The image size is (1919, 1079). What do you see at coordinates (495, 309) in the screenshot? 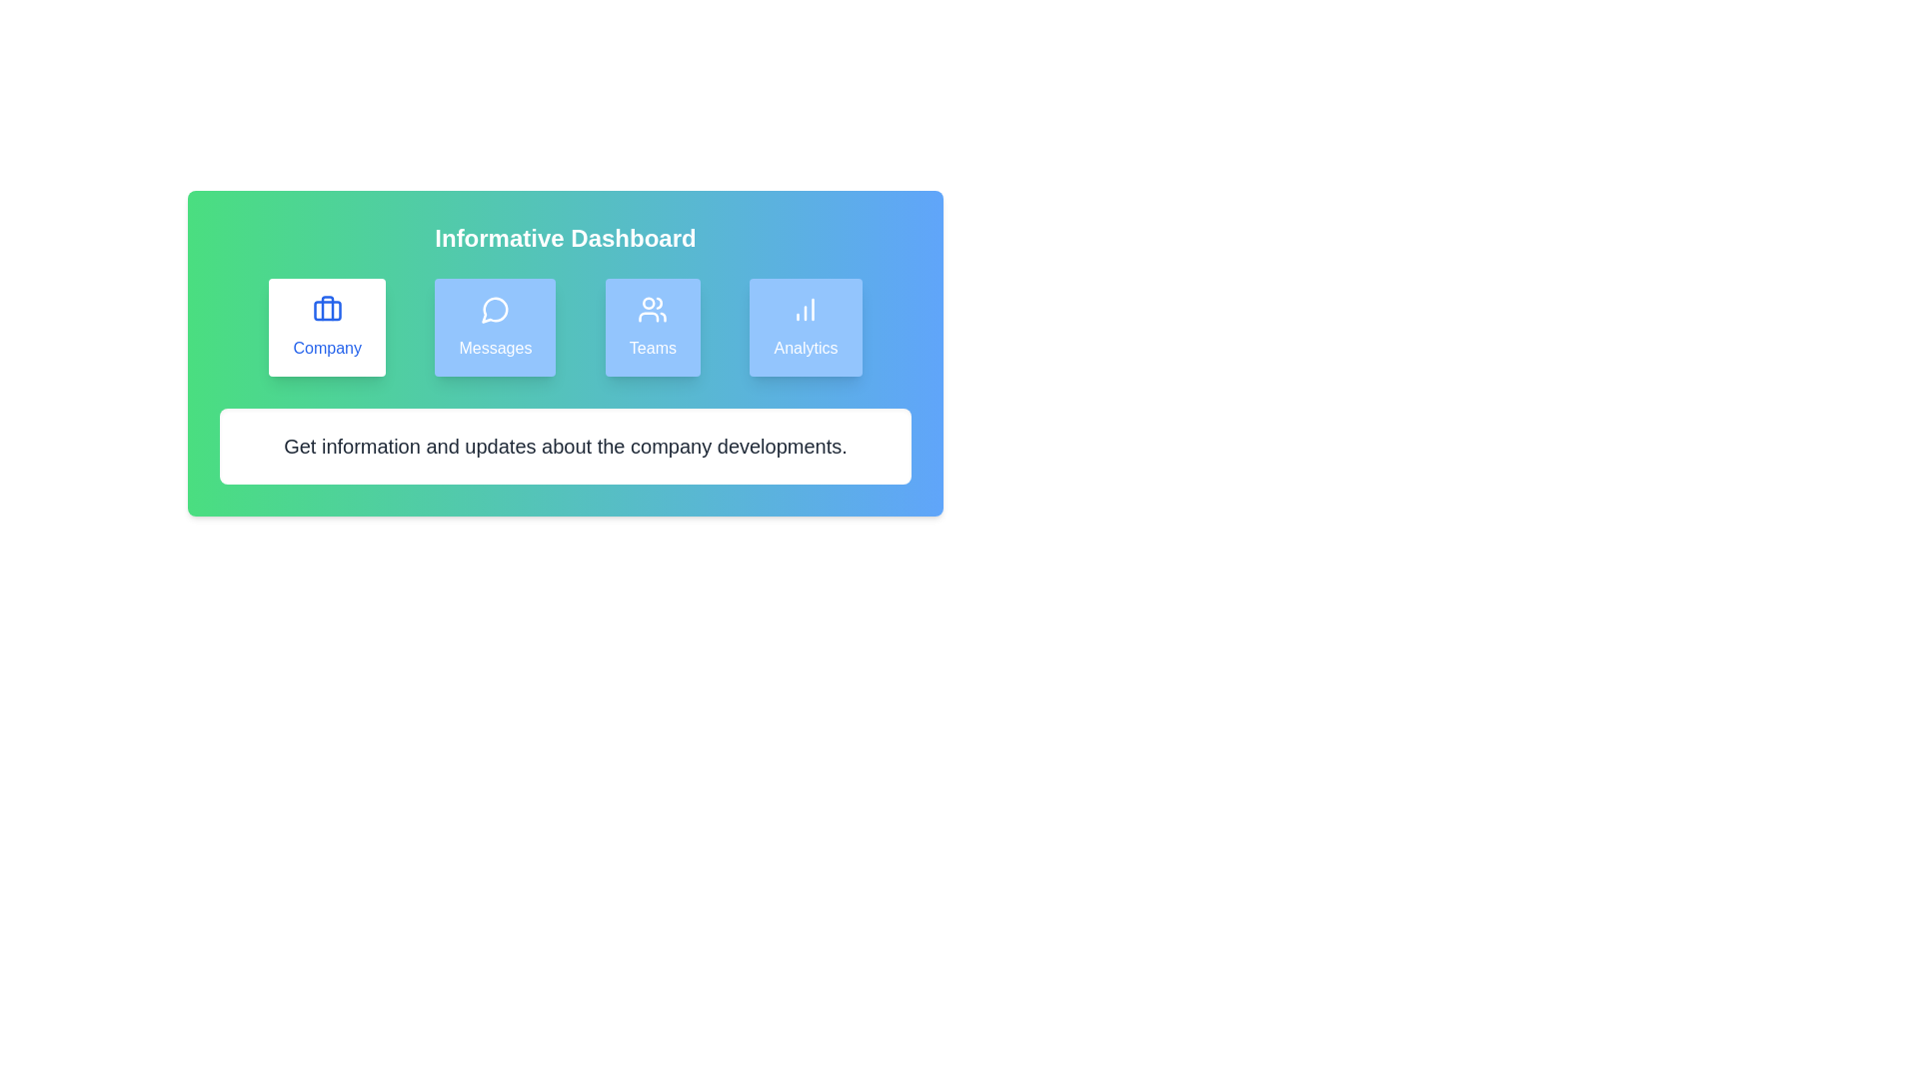
I see `the circular icon resembling a chat bubble or message symbol with a blue outline and white background, located in the second card from the left in the upper row of the dashboard, above the 'Messages' text label` at bounding box center [495, 309].